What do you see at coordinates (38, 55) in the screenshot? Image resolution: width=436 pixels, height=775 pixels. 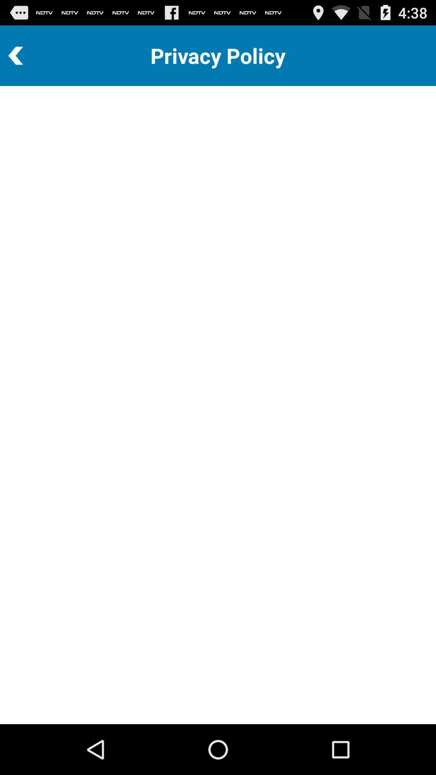 I see `icon to the left of privacy policy icon` at bounding box center [38, 55].